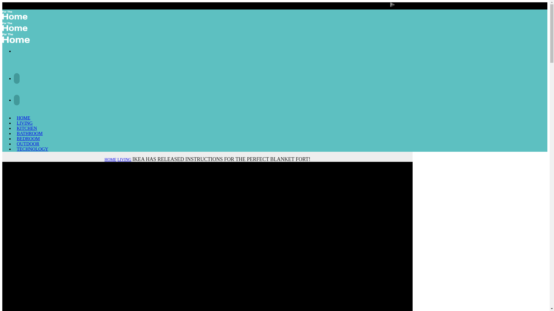 This screenshot has width=554, height=311. I want to click on 'BEDROOM', so click(28, 139).